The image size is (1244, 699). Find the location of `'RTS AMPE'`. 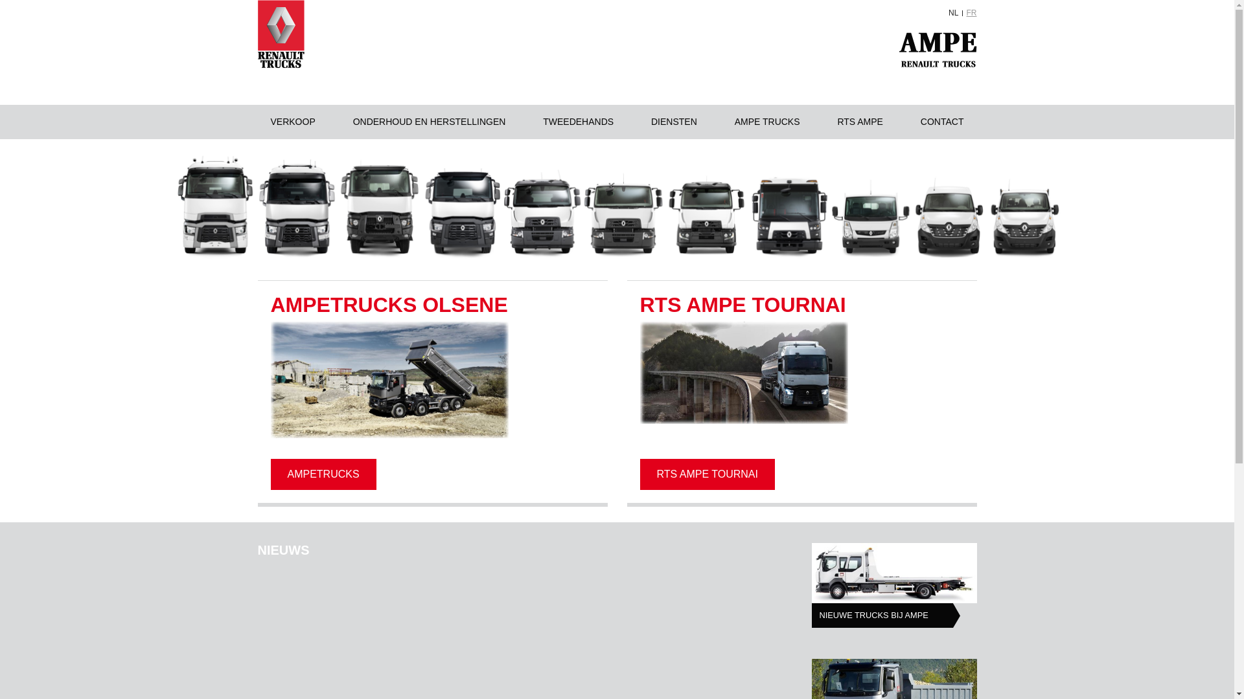

'RTS AMPE' is located at coordinates (860, 122).